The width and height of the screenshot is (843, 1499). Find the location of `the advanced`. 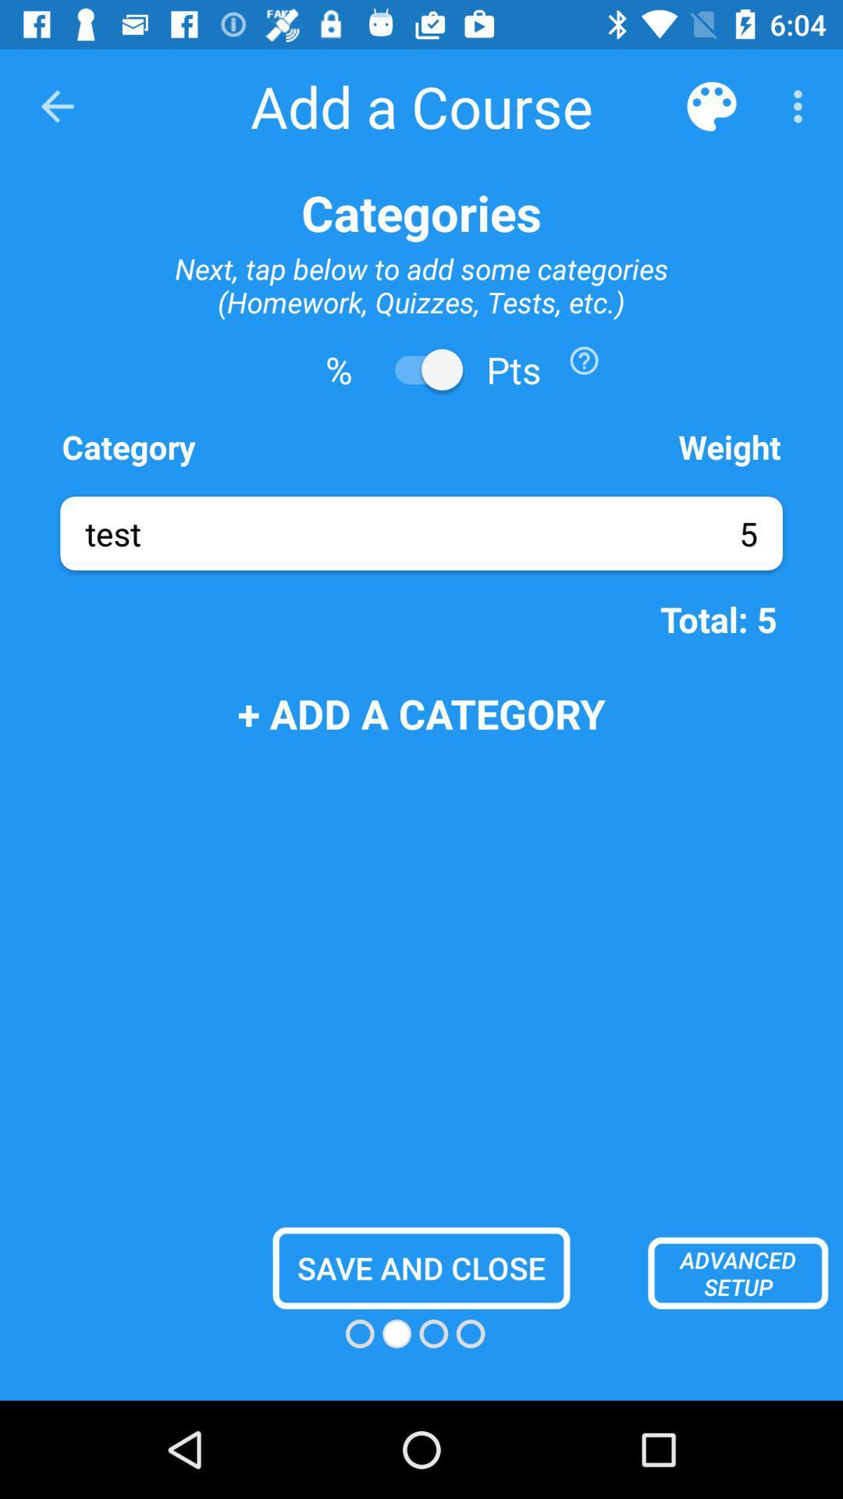

the advanced is located at coordinates (738, 1273).